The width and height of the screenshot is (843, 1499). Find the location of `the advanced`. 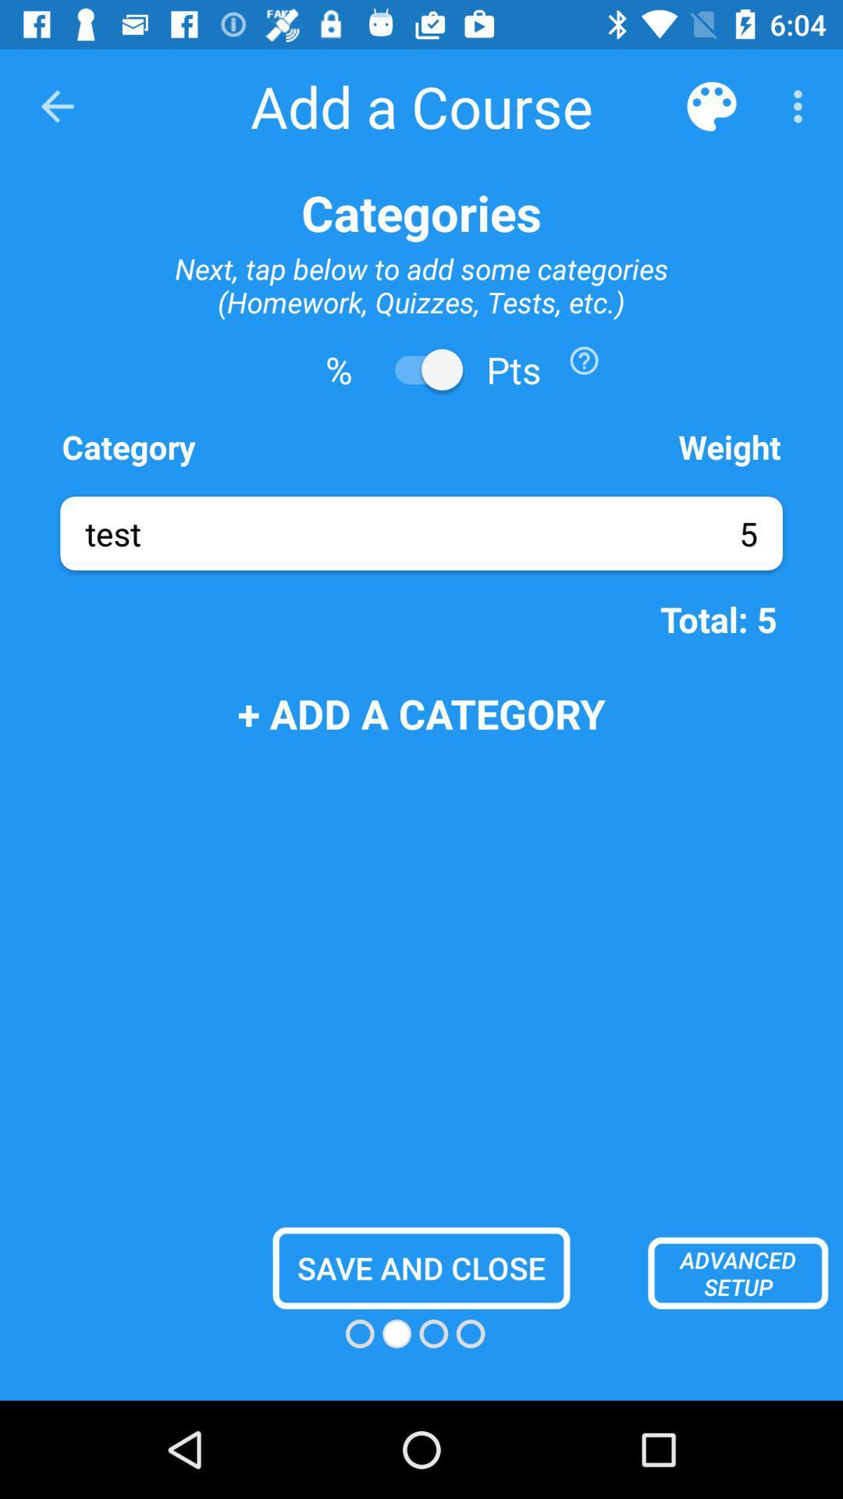

the advanced is located at coordinates (738, 1273).